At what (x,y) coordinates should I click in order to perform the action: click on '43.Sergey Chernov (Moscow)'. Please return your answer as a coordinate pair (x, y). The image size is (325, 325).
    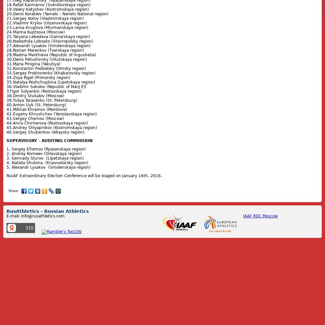
    Looking at the image, I should click on (35, 118).